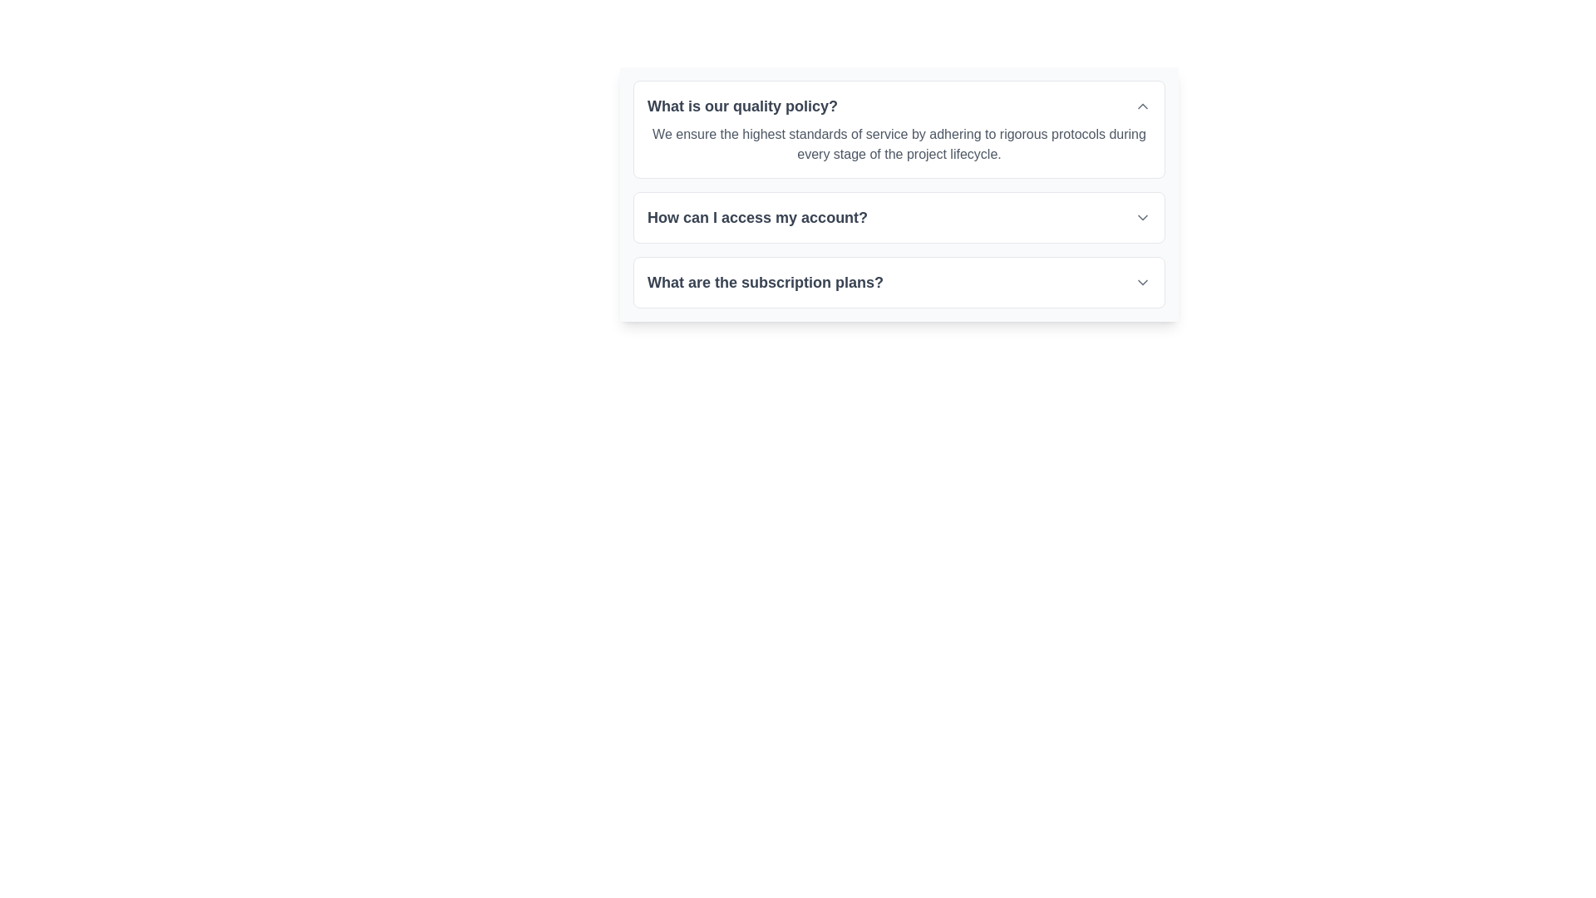 This screenshot has width=1596, height=898. I want to click on the Chevron Up icon located on the far right of the dropdown menu associated with the question 'What is our quality policy?', so click(1141, 106).